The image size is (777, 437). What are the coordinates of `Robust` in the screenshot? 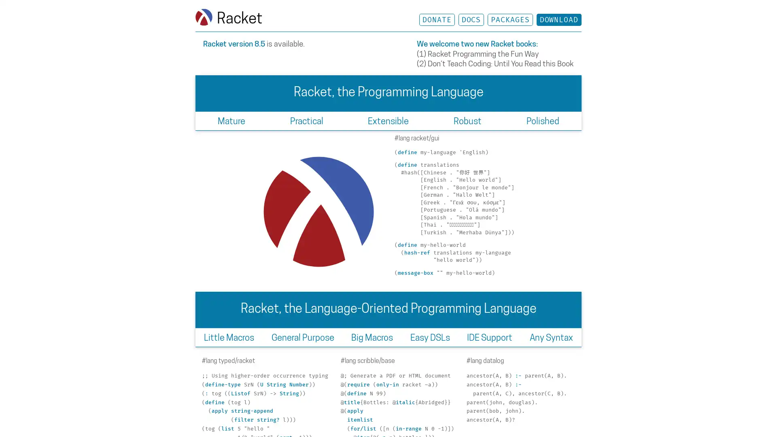 It's located at (467, 121).